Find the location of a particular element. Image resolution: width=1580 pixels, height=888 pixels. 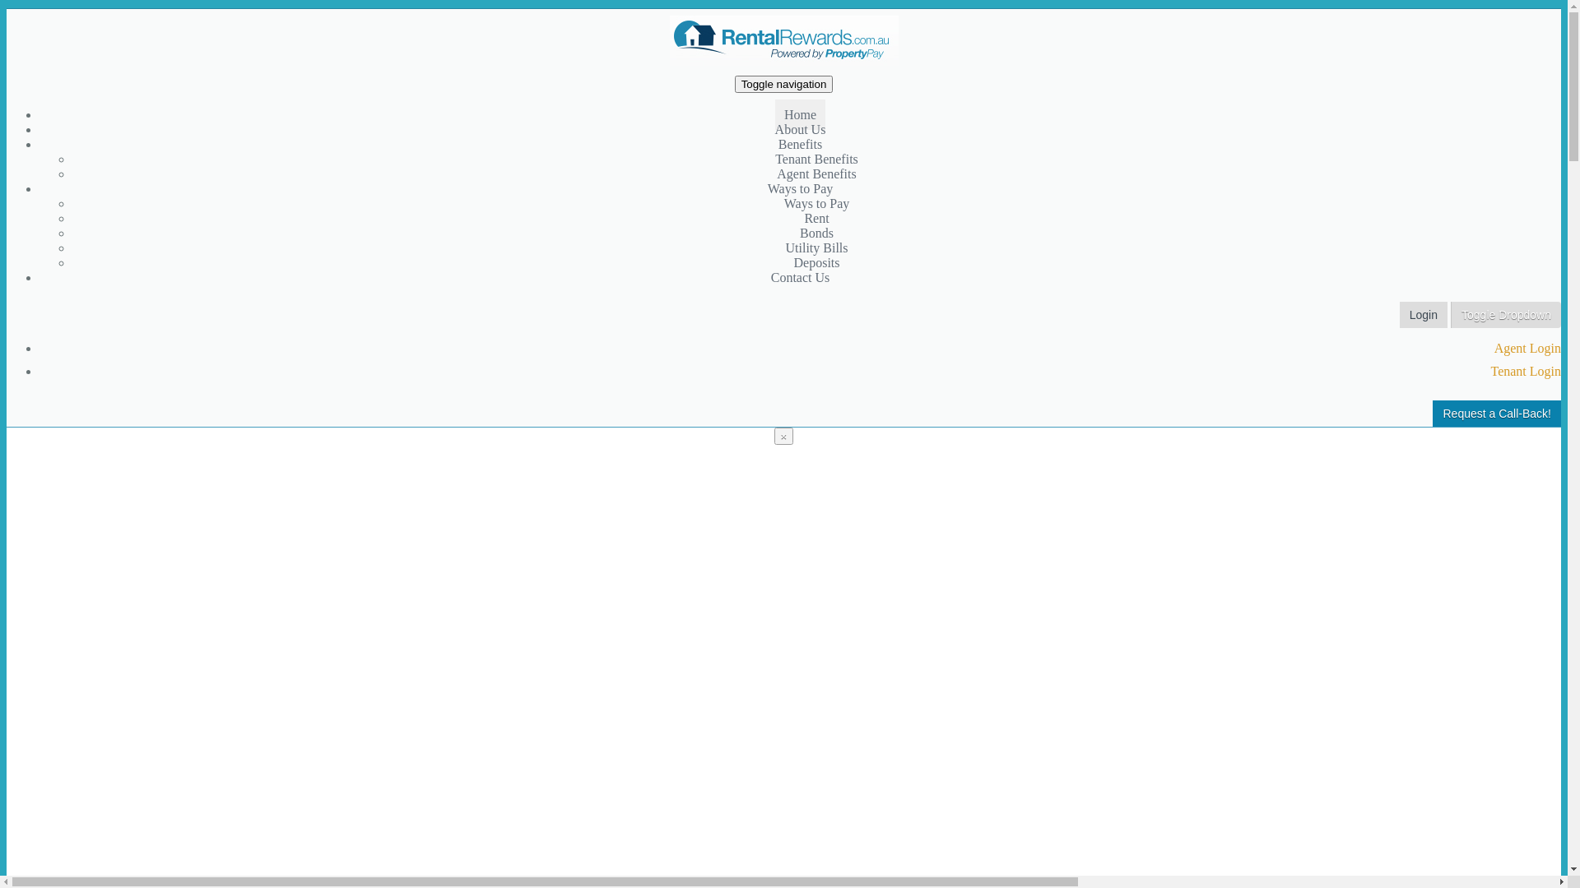

'Agent Login' is located at coordinates (1494, 347).